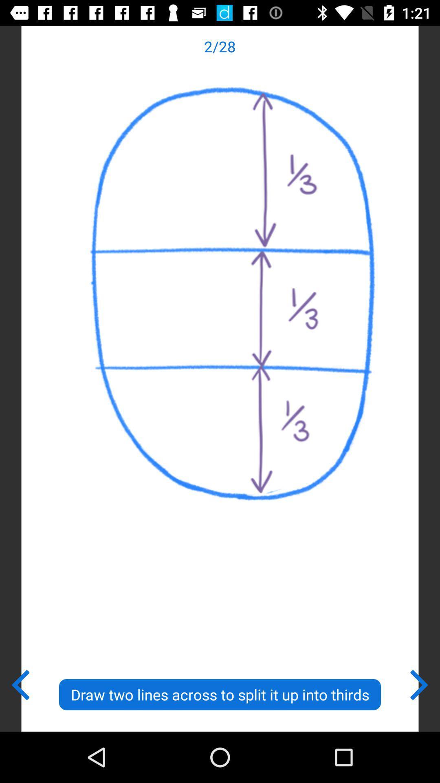  What do you see at coordinates (420, 683) in the screenshot?
I see `the icon next to draw two lines` at bounding box center [420, 683].